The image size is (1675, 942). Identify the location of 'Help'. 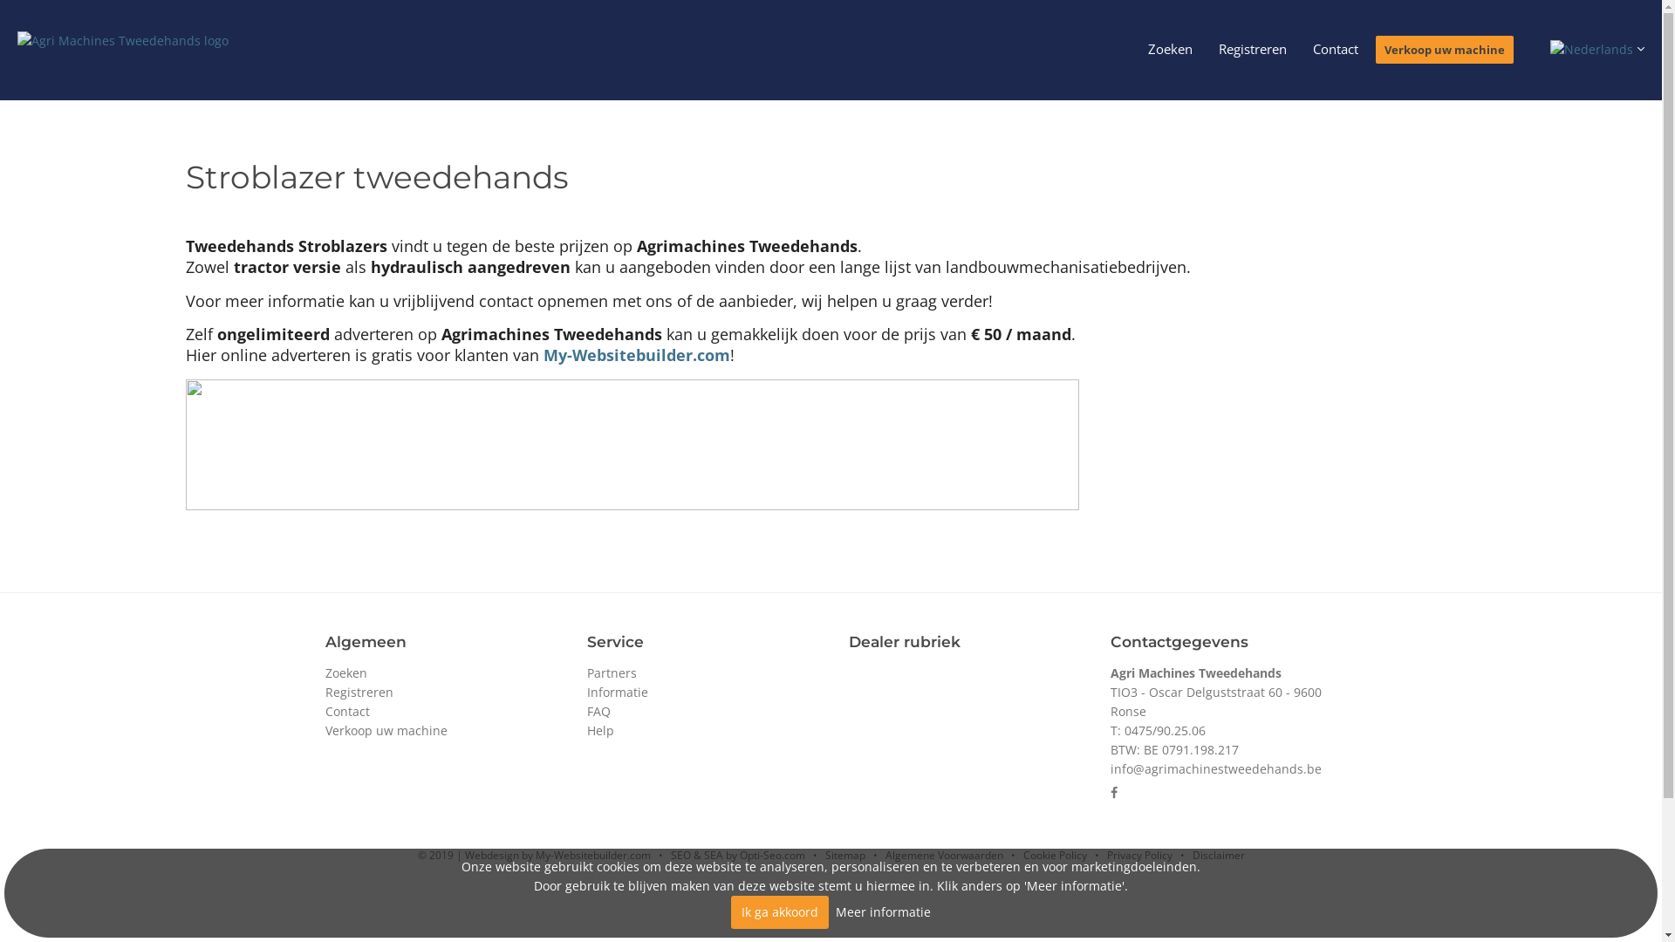
(599, 730).